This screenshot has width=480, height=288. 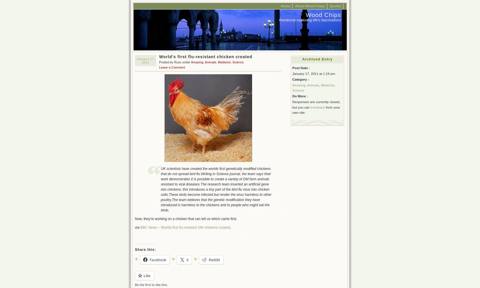 I want to click on 'Randomly exploring life's fascinations', so click(x=310, y=20).